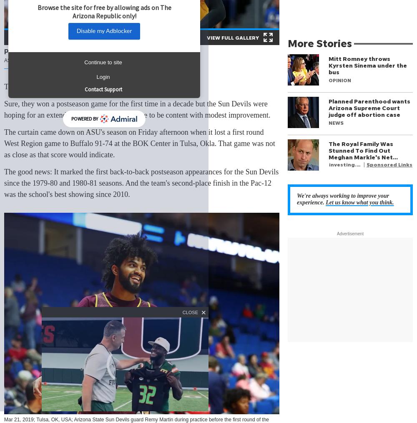 This screenshot has height=423, width=417. What do you see at coordinates (139, 143) in the screenshot?
I see `'The curtain came down on ASU's season on Friday afternoon when it lost a first round West Region game to Buffalo 91-74 at the BOK Center in Tulsa, Okla. That game was not as close as that score would indicate.'` at bounding box center [139, 143].